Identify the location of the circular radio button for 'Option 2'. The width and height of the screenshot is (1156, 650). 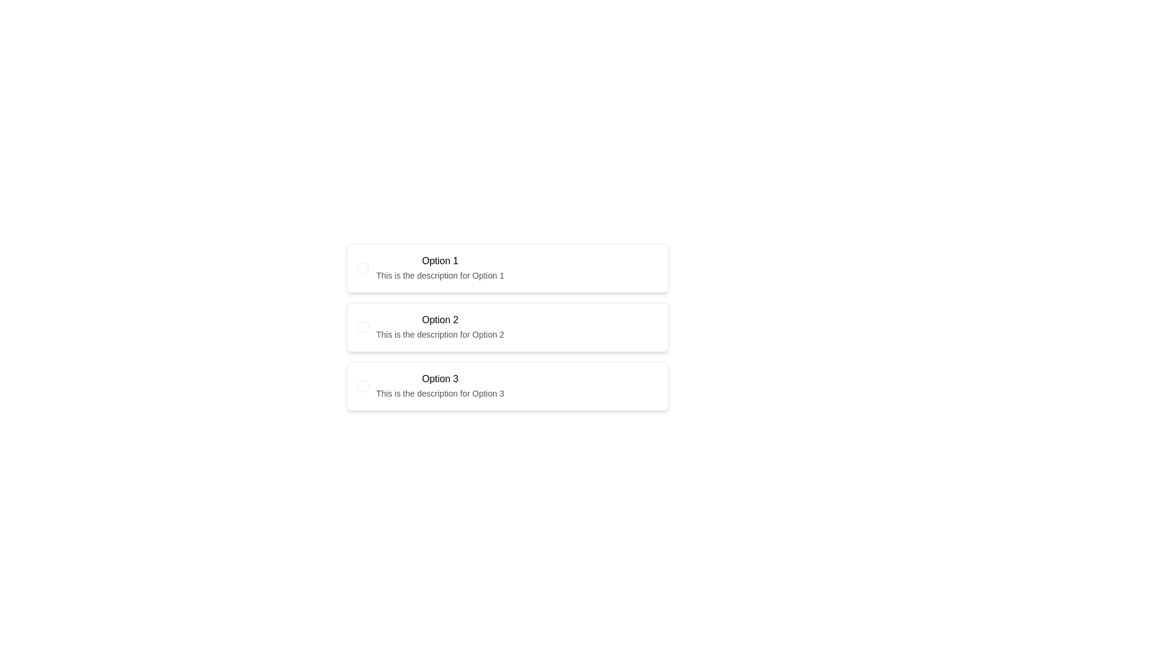
(508, 327).